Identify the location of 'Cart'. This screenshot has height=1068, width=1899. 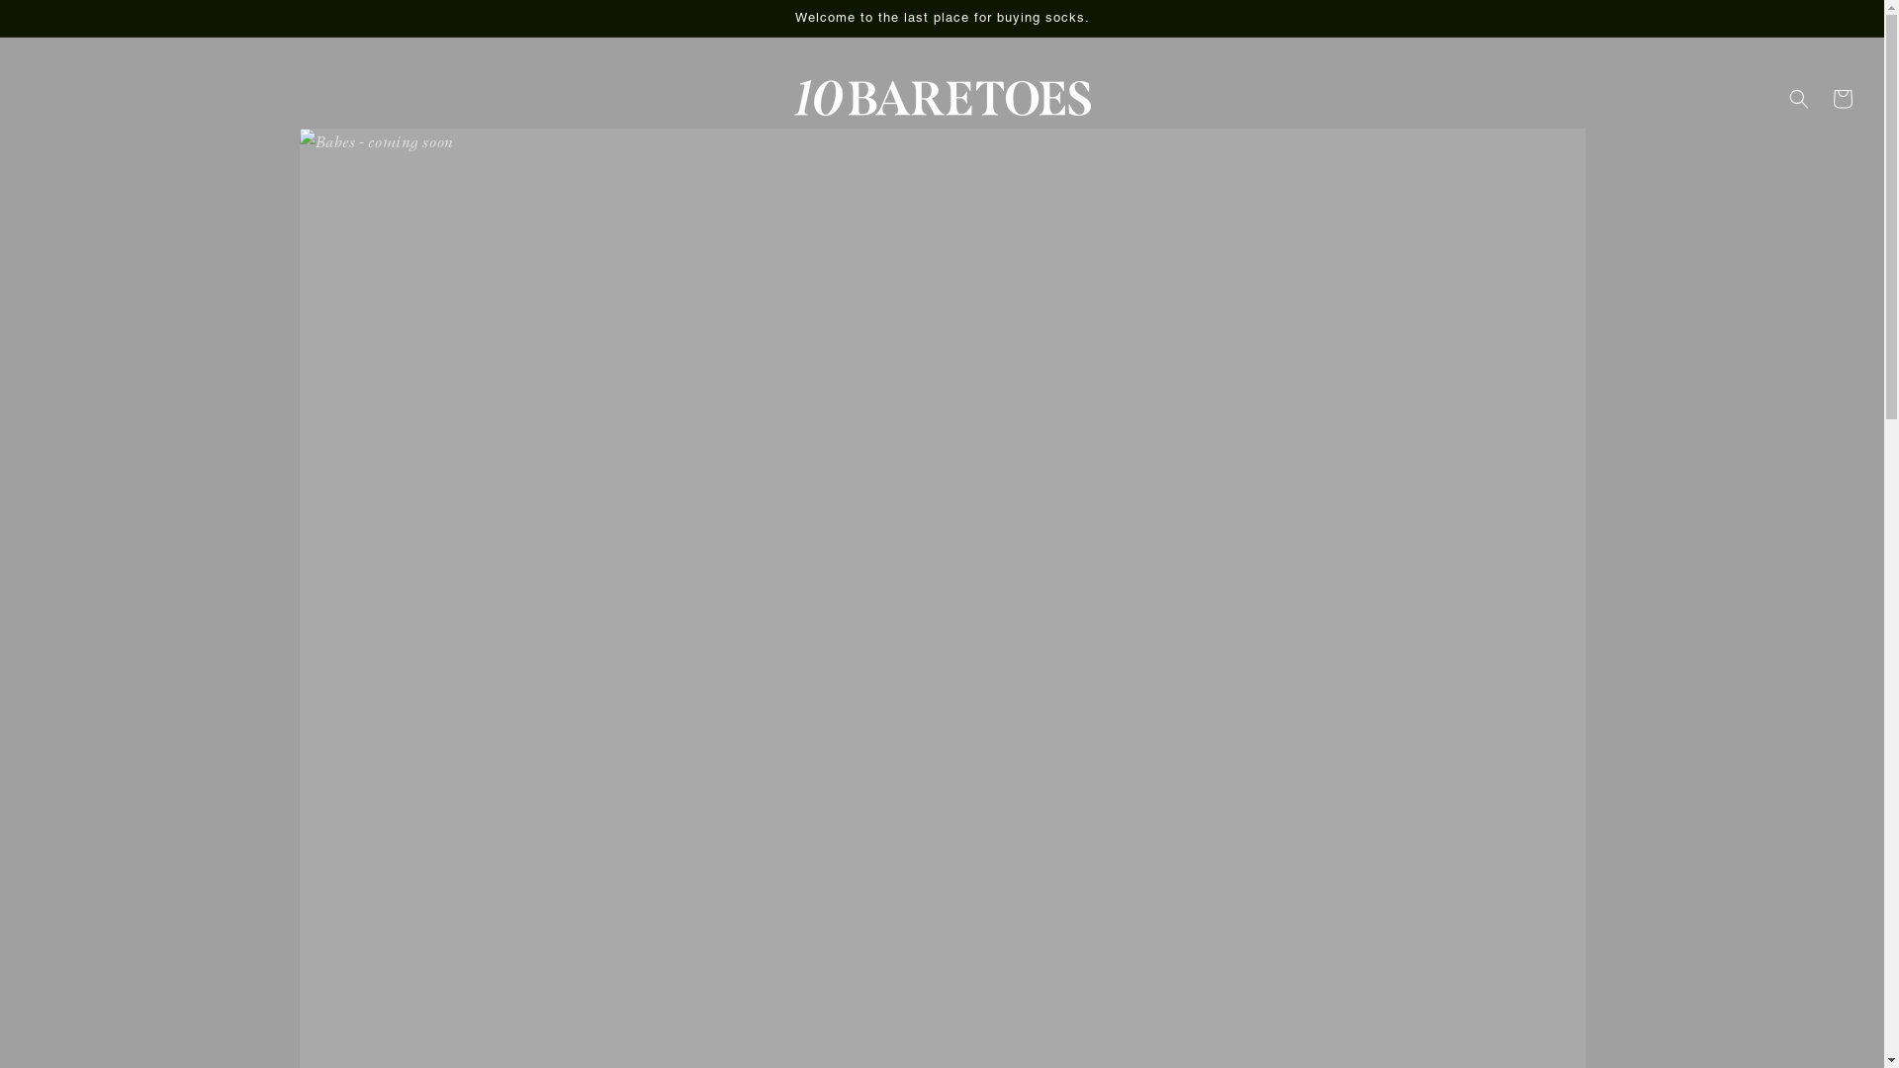
(1820, 99).